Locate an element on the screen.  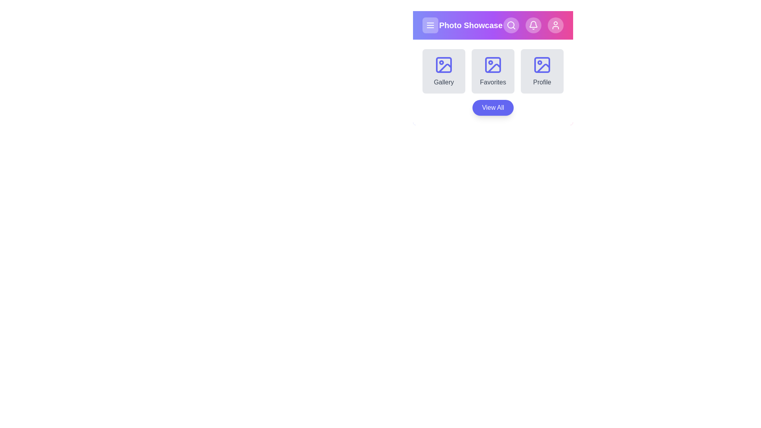
the menu icon to toggle the main menu is located at coordinates (430, 25).